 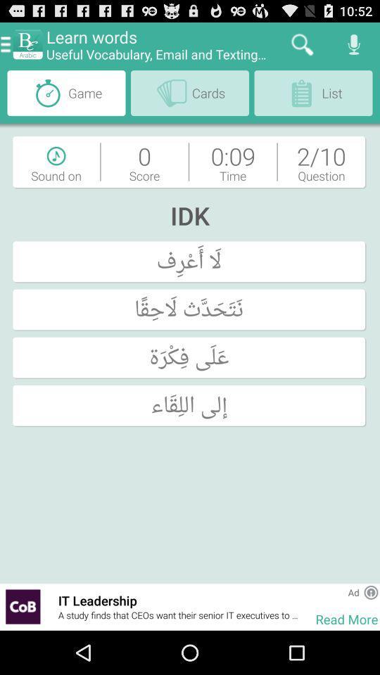 I want to click on open advertisement, so click(x=22, y=606).